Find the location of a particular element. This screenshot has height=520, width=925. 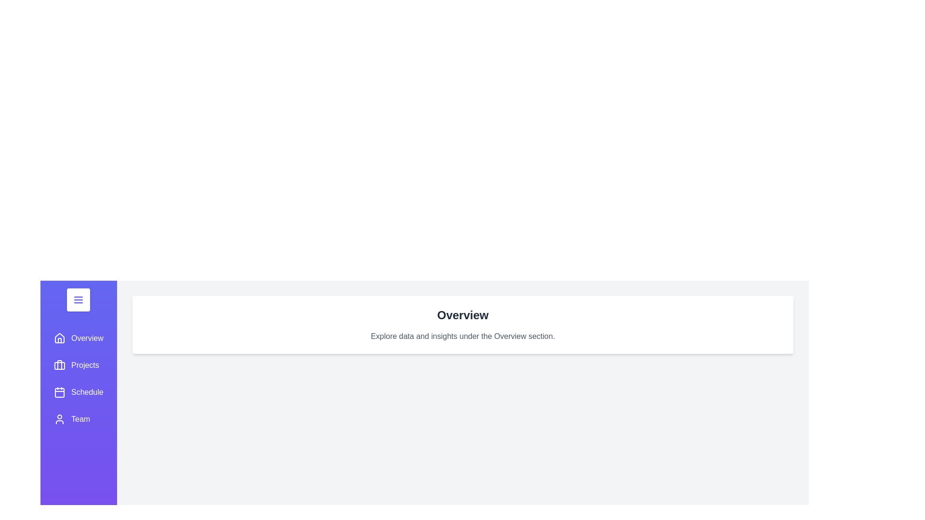

the sidebar section labeled Projects is located at coordinates (79, 365).